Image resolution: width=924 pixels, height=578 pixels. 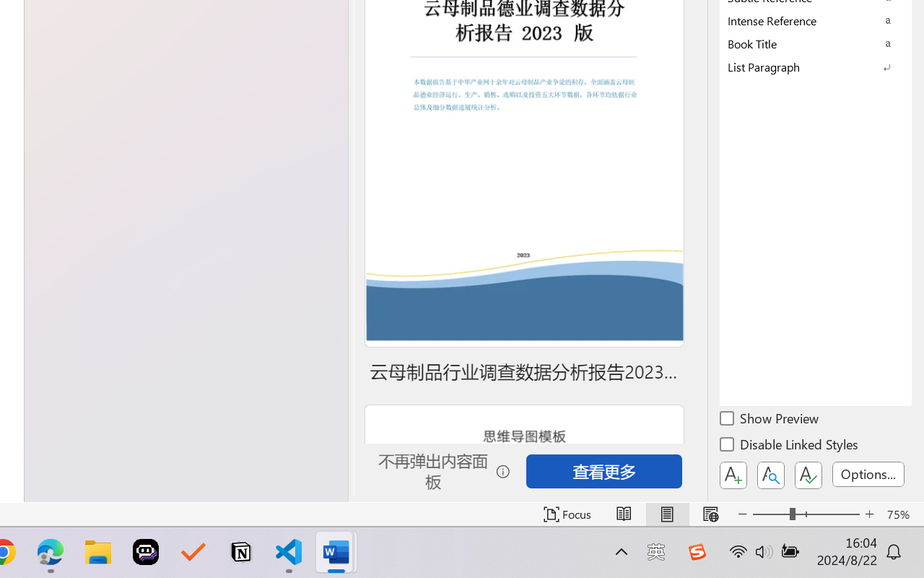 I want to click on 'Web Layout', so click(x=710, y=514).